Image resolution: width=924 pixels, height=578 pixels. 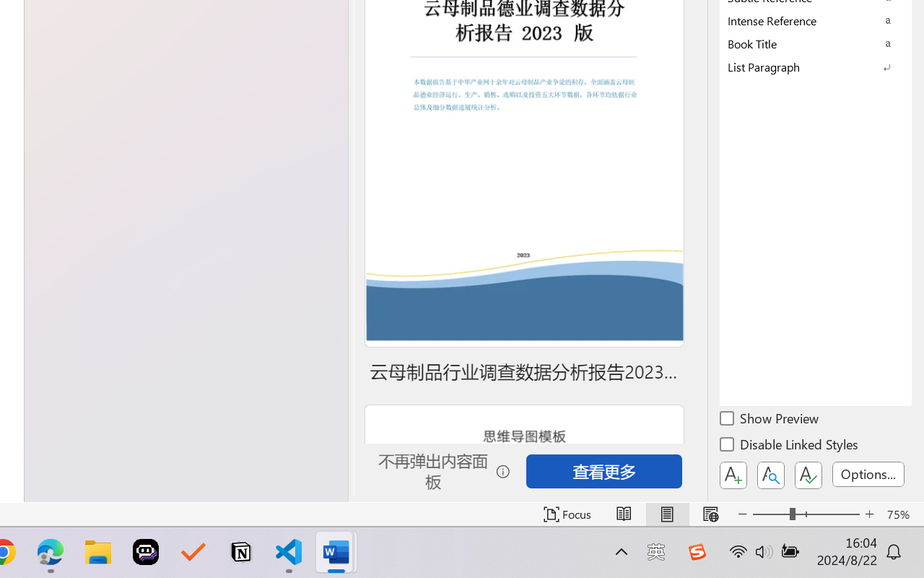 I want to click on 'Web Layout', so click(x=710, y=514).